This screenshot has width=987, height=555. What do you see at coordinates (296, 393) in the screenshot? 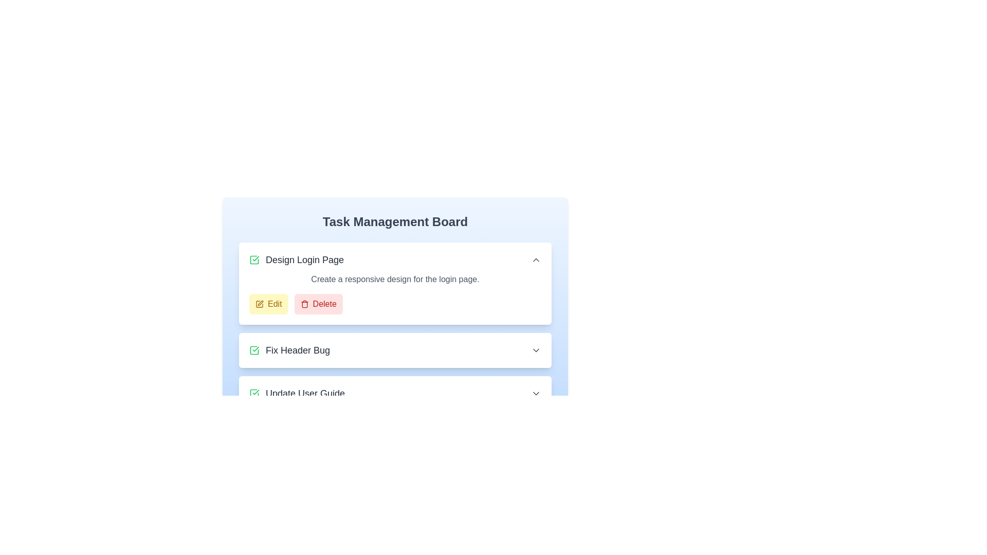
I see `the task with title 'Update User Guide'` at bounding box center [296, 393].